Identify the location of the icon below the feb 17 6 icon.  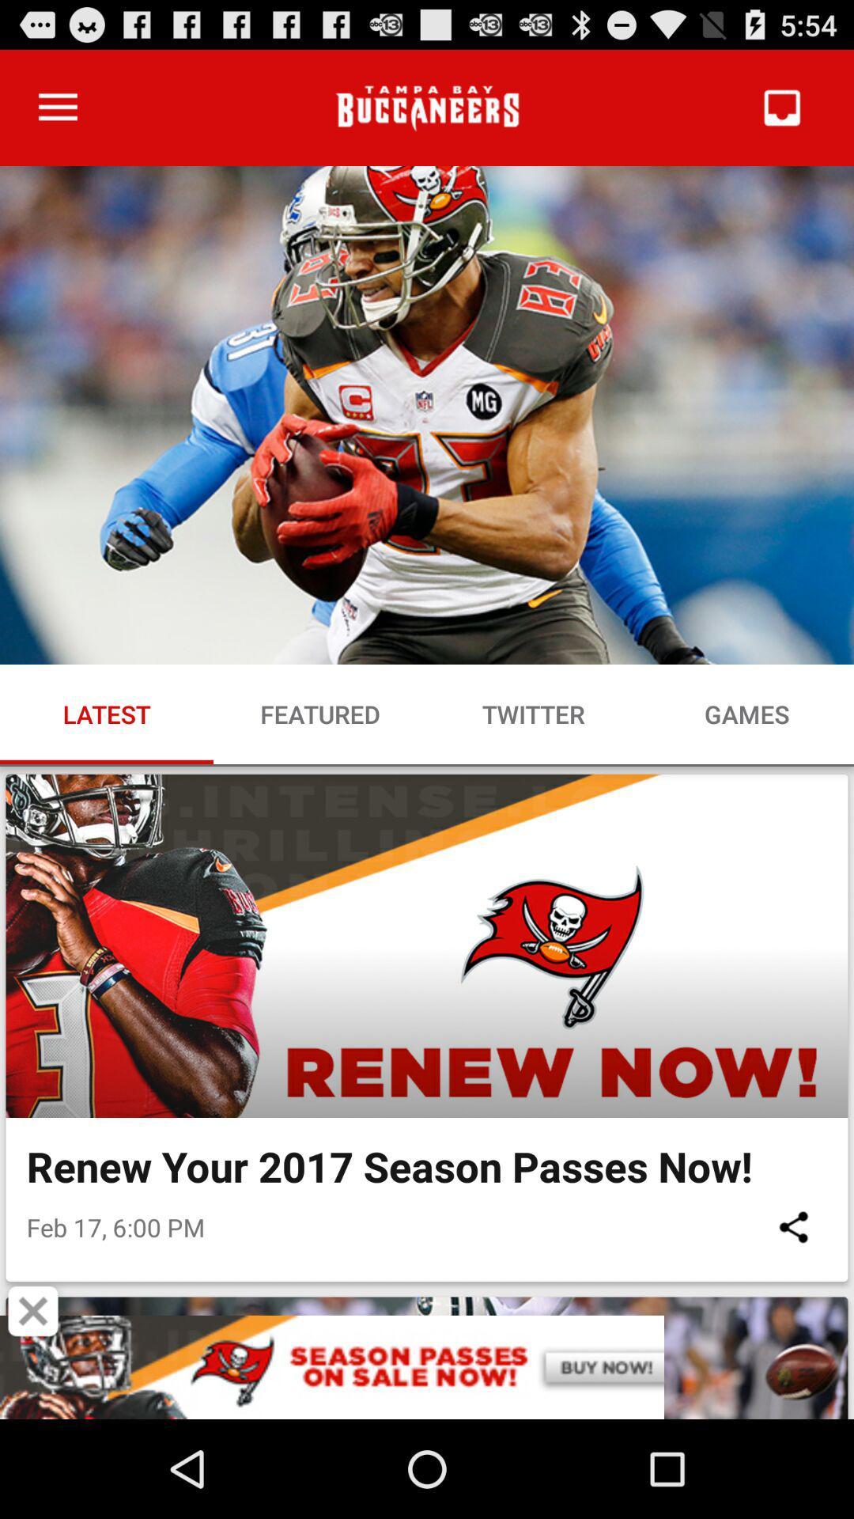
(33, 1311).